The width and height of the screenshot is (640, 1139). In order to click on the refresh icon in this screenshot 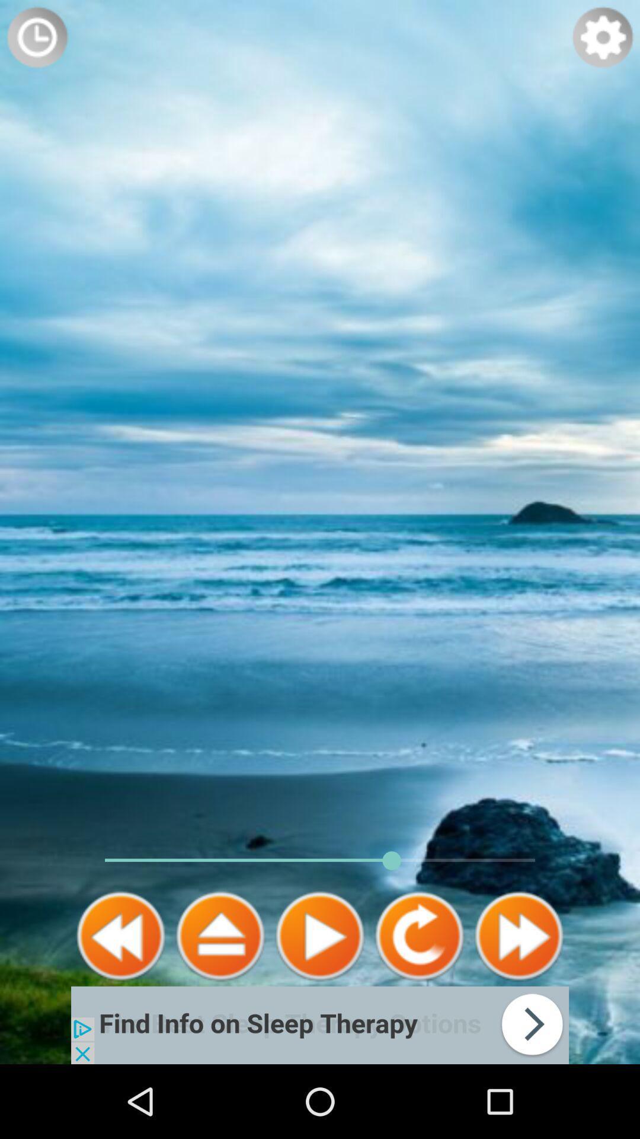, I will do `click(419, 1001)`.